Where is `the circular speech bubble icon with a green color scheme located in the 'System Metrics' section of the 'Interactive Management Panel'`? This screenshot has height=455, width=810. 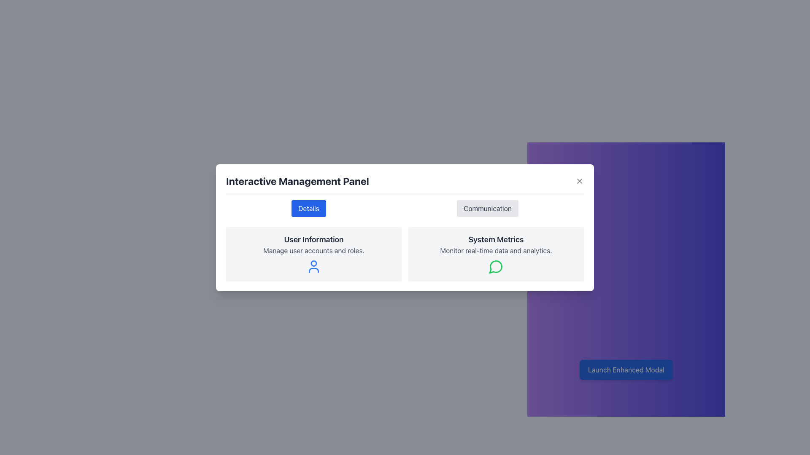 the circular speech bubble icon with a green color scheme located in the 'System Metrics' section of the 'Interactive Management Panel' is located at coordinates (496, 266).